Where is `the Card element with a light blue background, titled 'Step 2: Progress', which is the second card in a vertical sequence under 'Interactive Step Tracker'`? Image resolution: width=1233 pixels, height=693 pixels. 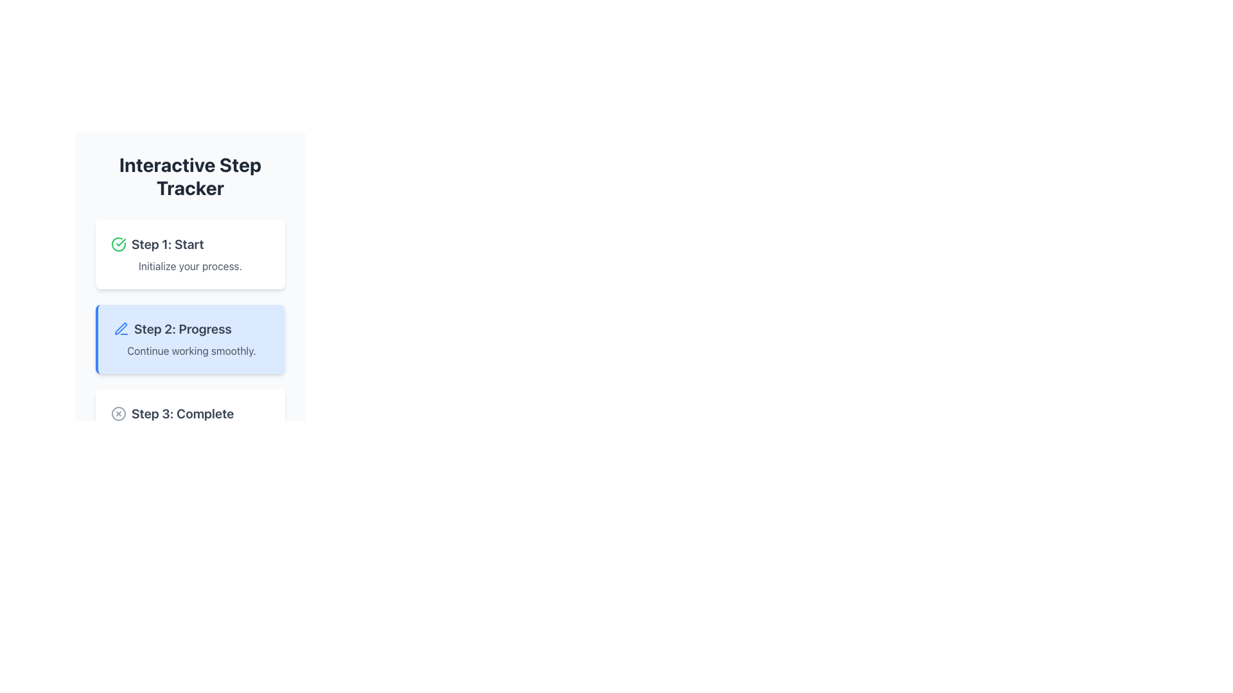 the Card element with a light blue background, titled 'Step 2: Progress', which is the second card in a vertical sequence under 'Interactive Step Tracker' is located at coordinates (189, 338).